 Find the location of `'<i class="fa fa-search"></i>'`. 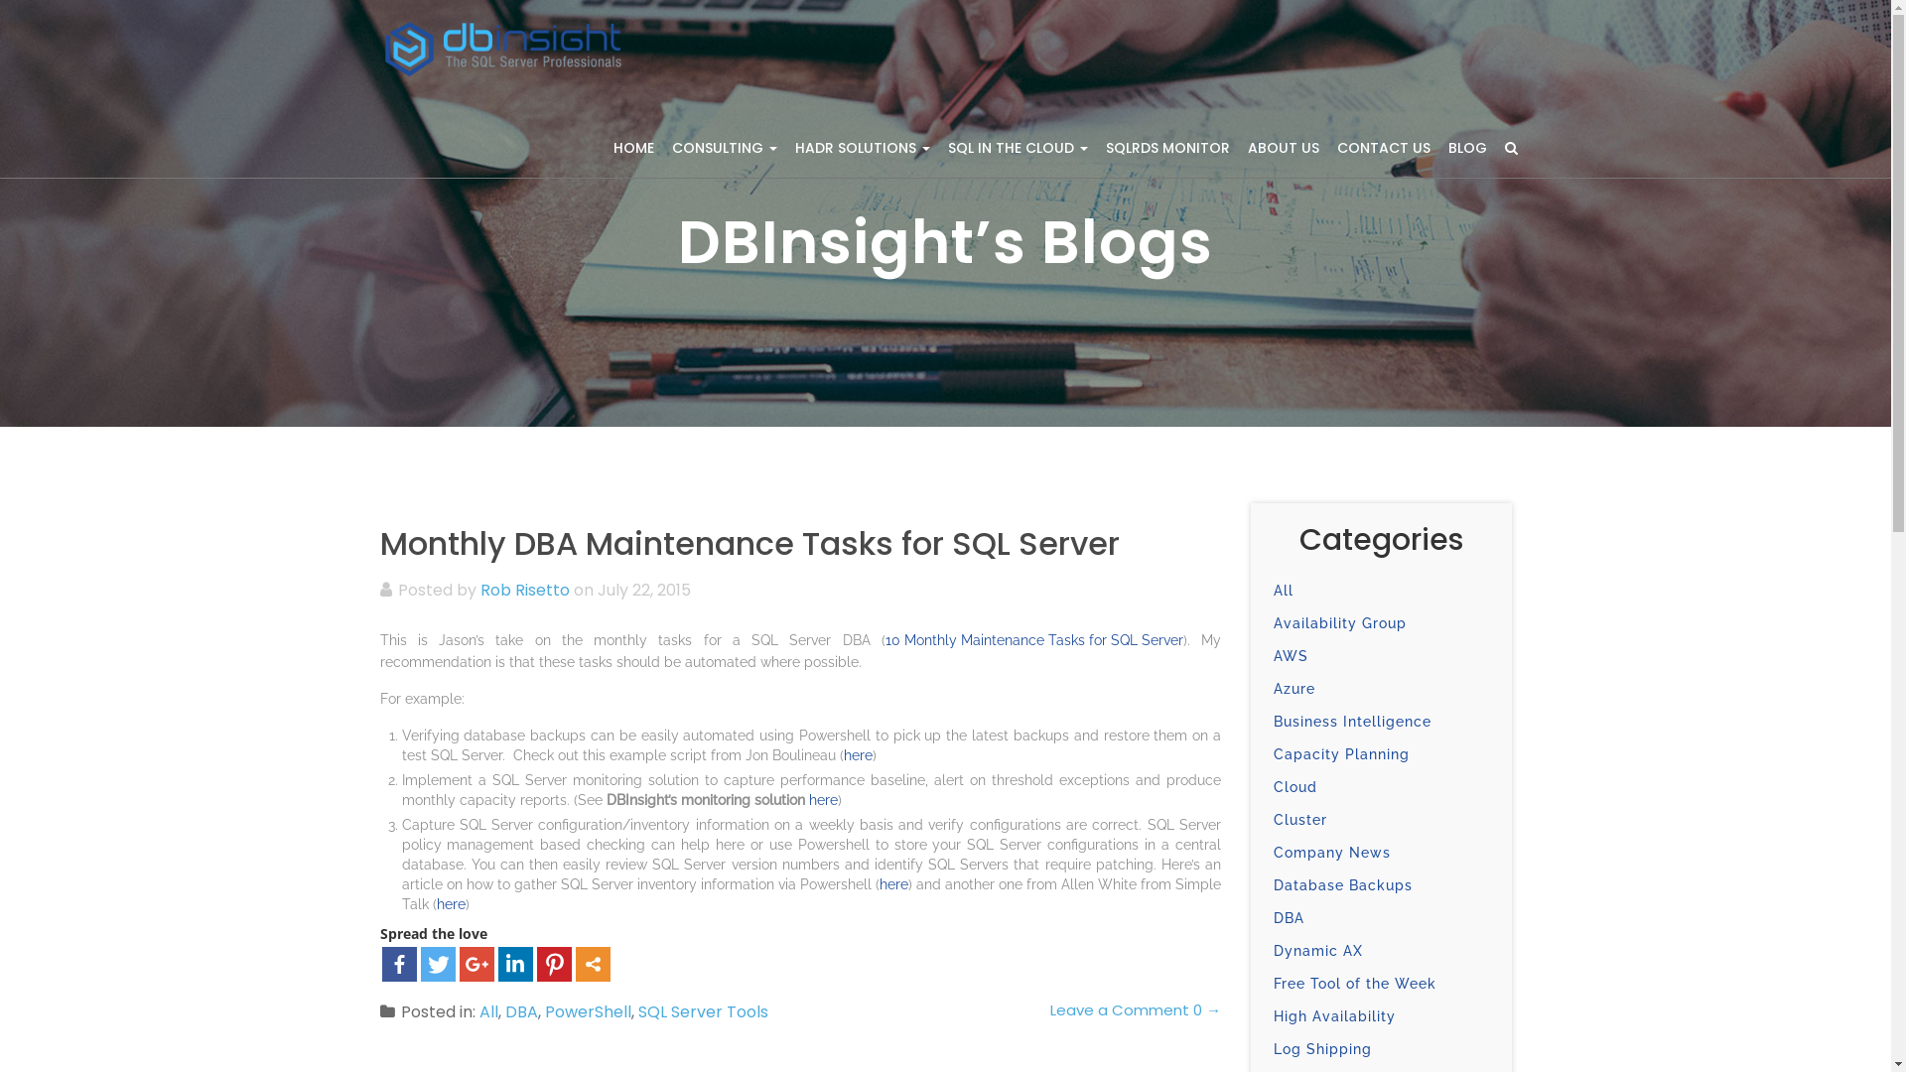

'<i class="fa fa-search"></i>' is located at coordinates (1509, 147).